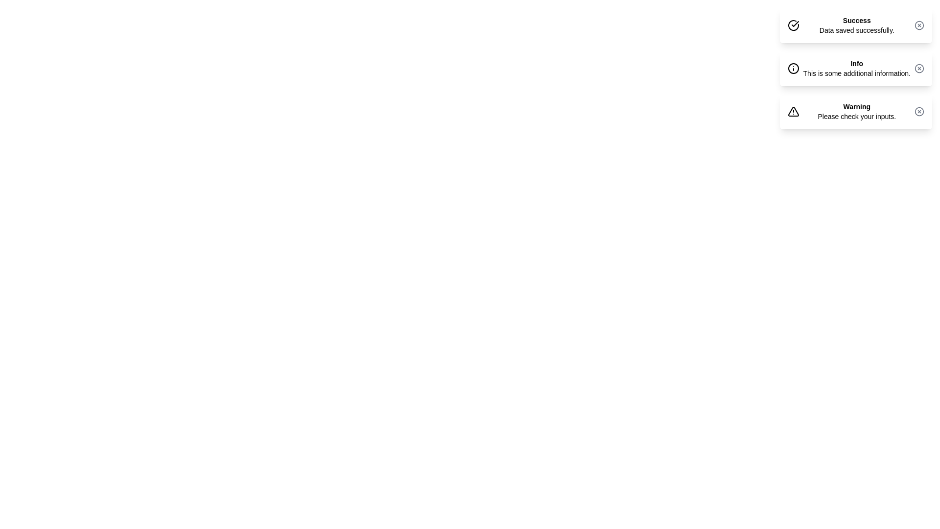  What do you see at coordinates (856, 107) in the screenshot?
I see `the warning text that informs users about issues related to their actions, specifically positioned above the message 'Please check your inputs.'` at bounding box center [856, 107].